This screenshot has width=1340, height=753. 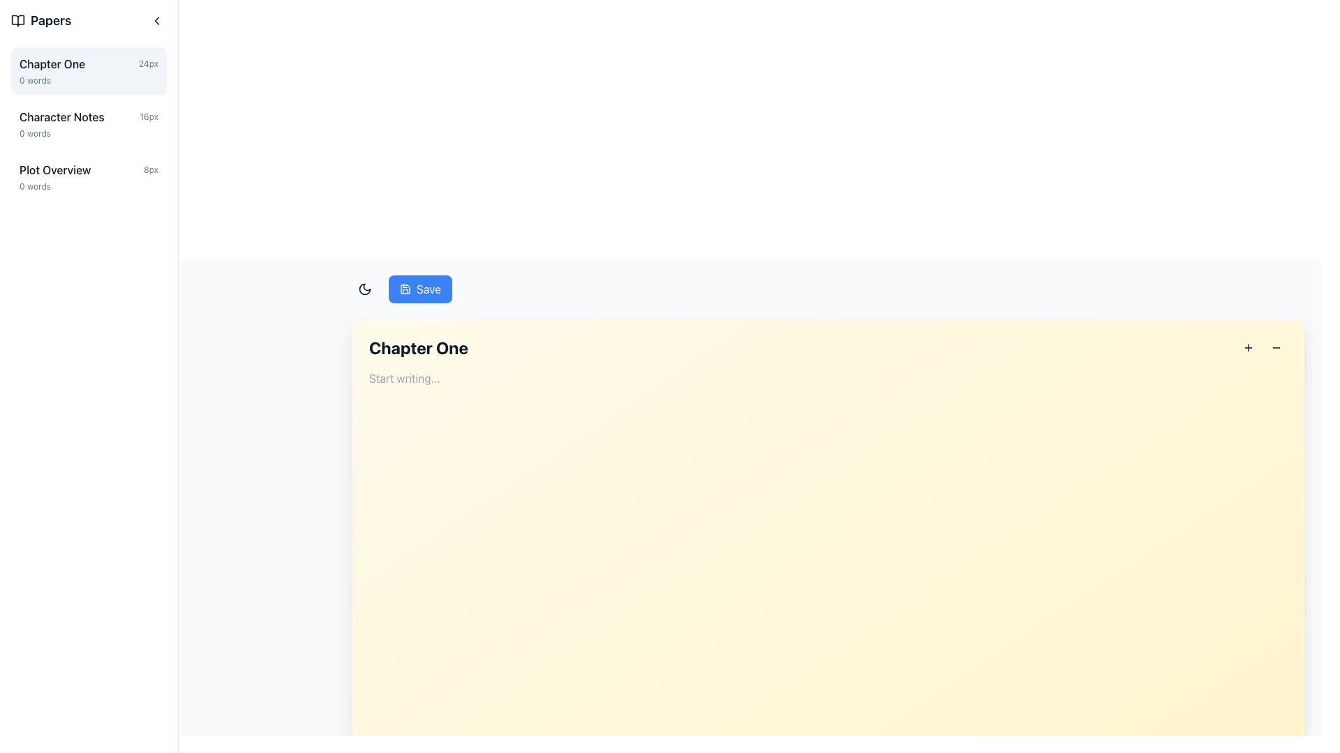 What do you see at coordinates (365, 289) in the screenshot?
I see `the moon-shaped icon` at bounding box center [365, 289].